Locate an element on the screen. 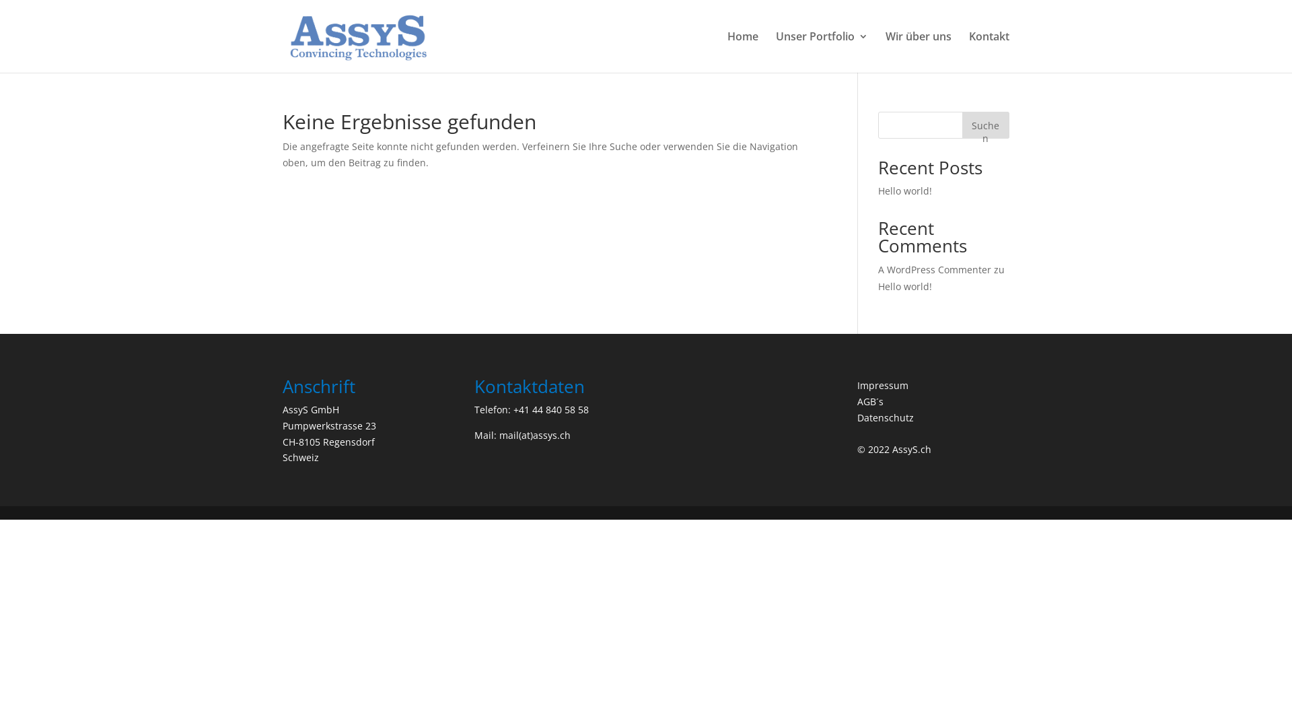 The image size is (1292, 727). 'Home' is located at coordinates (742, 51).